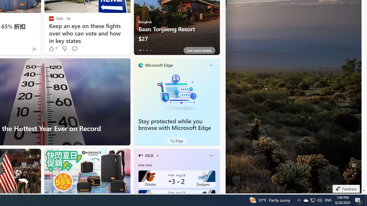 This screenshot has width=367, height=206. I want to click on 'tab-3', so click(150, 50).